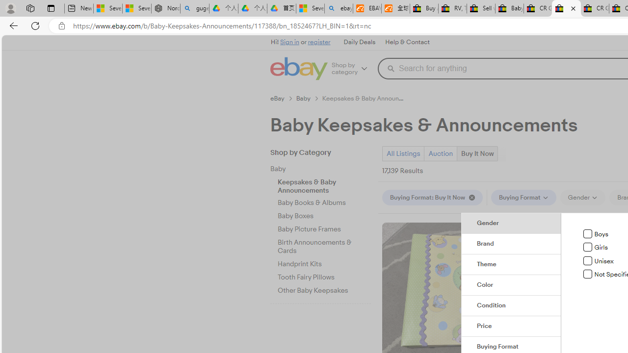  I want to click on 'Boys', so click(588, 234).